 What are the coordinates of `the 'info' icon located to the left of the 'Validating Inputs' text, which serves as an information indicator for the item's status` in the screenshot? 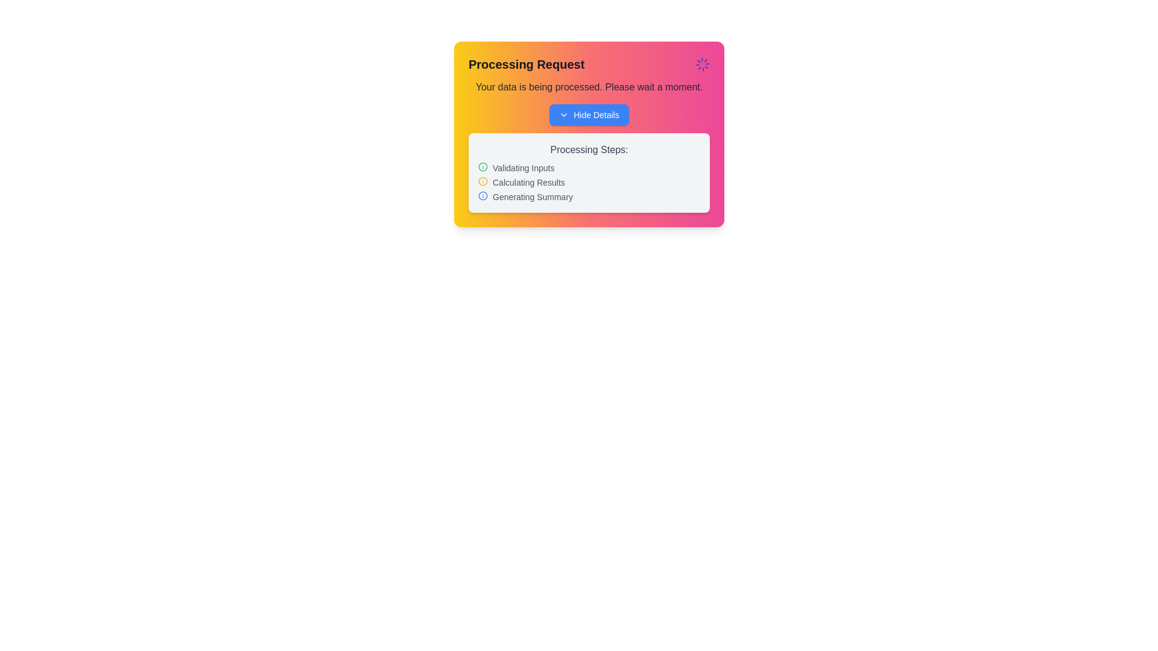 It's located at (483, 167).